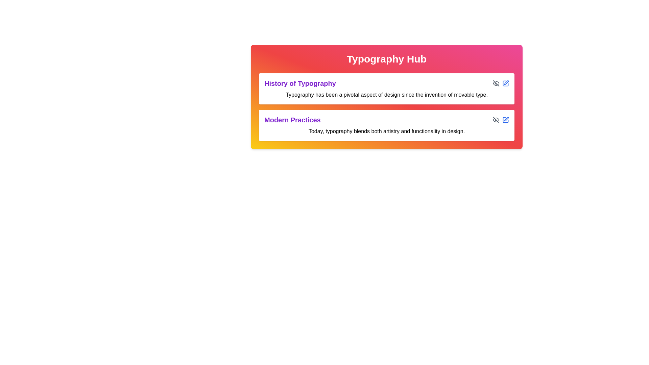 This screenshot has height=365, width=649. I want to click on the text field displaying the sentence 'Today, typography blends both artistry and functionality in design.' which is located under the heading 'Modern Practices', so click(386, 131).